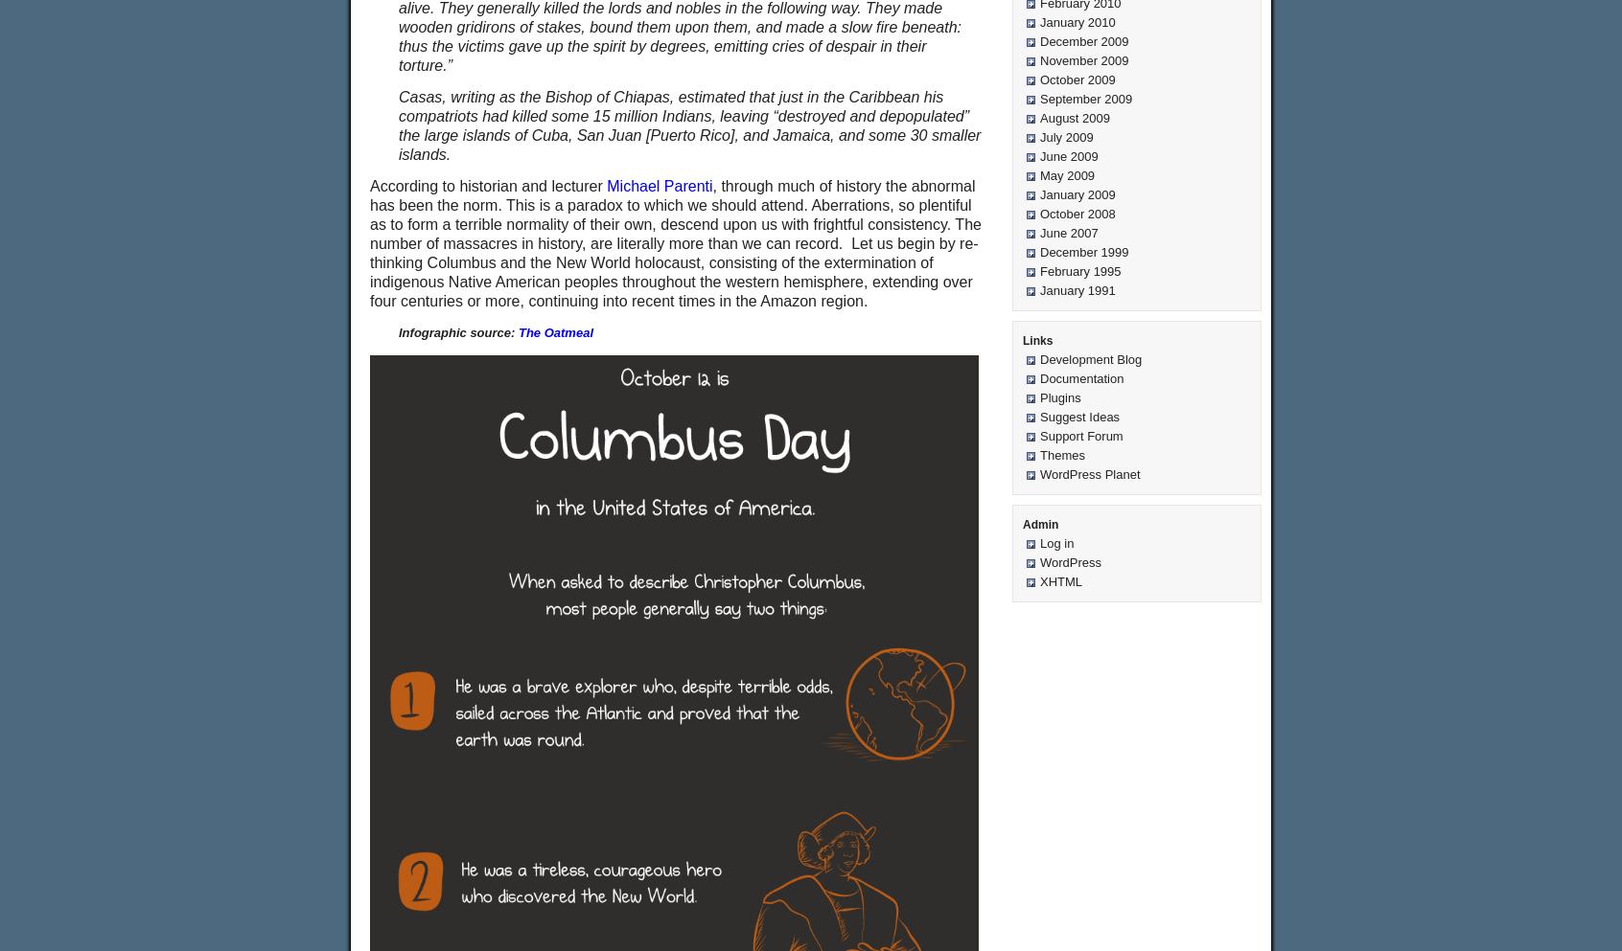  I want to click on 'Log in', so click(1056, 542).